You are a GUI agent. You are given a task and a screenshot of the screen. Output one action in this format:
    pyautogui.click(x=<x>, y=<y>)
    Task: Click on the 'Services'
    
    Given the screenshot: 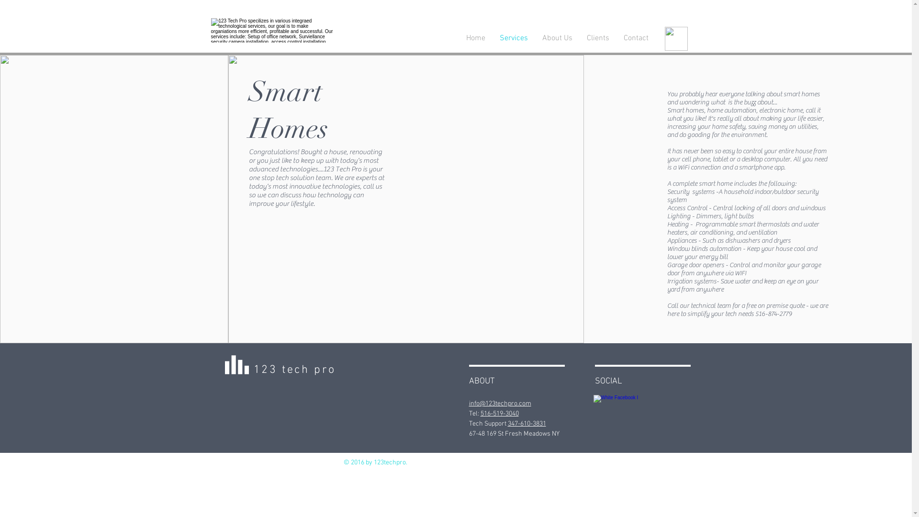 What is the action you would take?
    pyautogui.click(x=513, y=38)
    